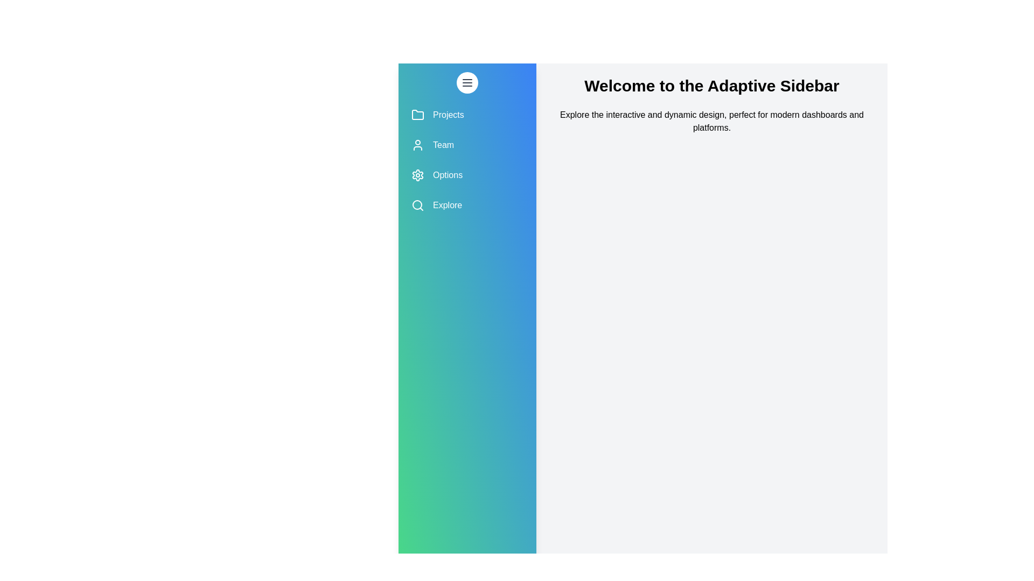  What do you see at coordinates (467, 145) in the screenshot?
I see `the menu item labeled Team to navigate to its section` at bounding box center [467, 145].